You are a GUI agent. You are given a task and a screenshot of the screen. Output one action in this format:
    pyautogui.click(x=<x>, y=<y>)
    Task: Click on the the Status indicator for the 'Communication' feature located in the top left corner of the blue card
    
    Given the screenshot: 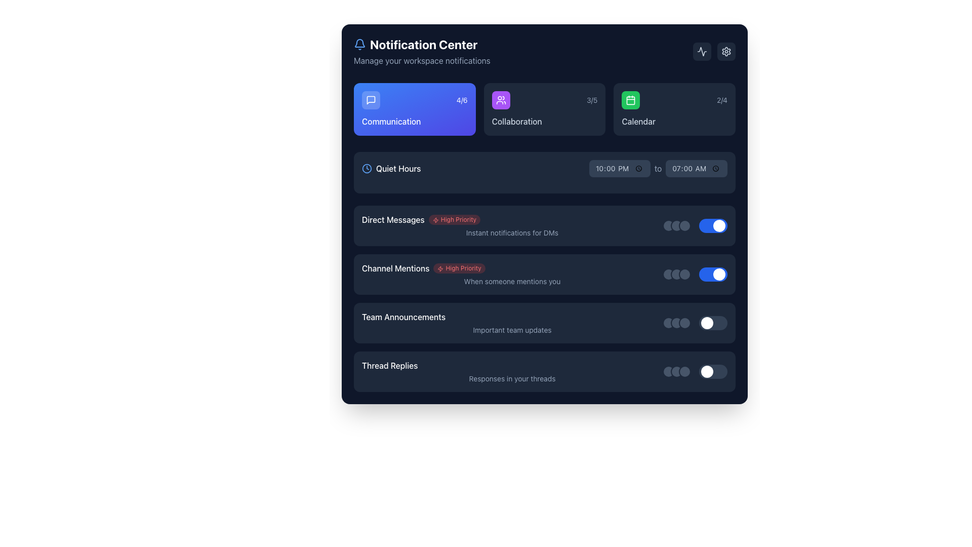 What is the action you would take?
    pyautogui.click(x=415, y=100)
    